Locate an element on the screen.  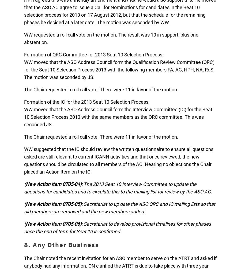
'Formation of the IC for the 2013 Seat 10 Selection Process:' is located at coordinates (87, 102).